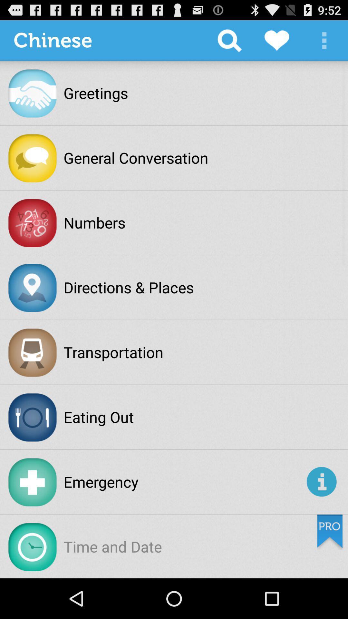 This screenshot has height=619, width=348. I want to click on the emergency app, so click(184, 482).